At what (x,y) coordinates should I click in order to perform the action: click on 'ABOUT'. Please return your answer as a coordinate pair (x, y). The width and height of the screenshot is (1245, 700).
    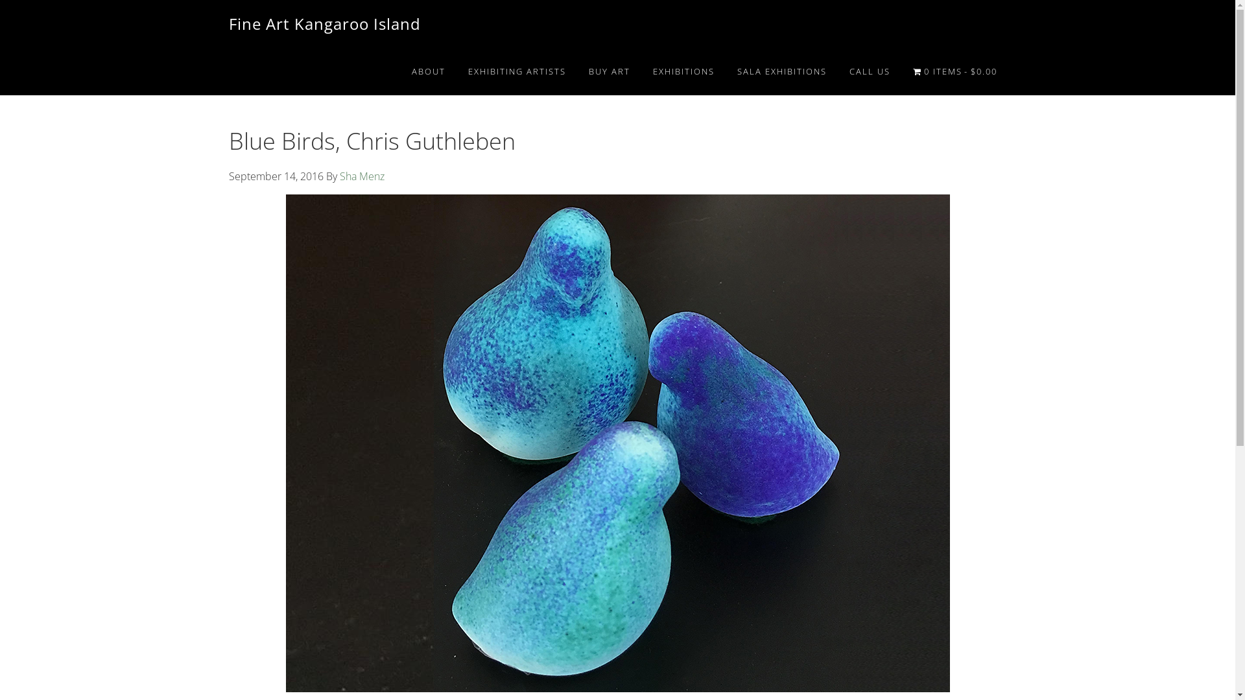
    Looking at the image, I should click on (429, 71).